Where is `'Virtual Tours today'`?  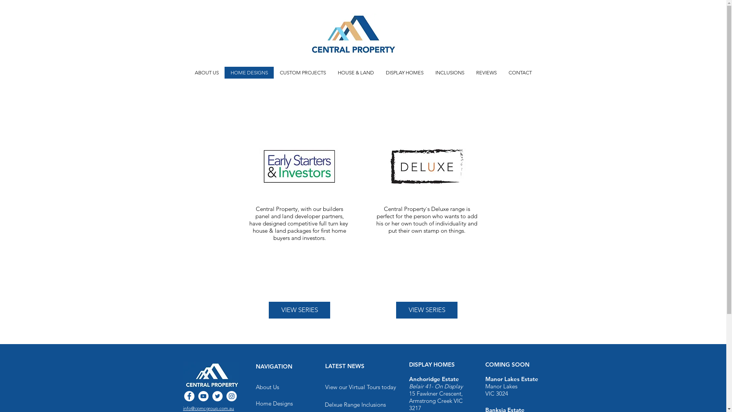
'Virtual Tours today' is located at coordinates (372, 387).